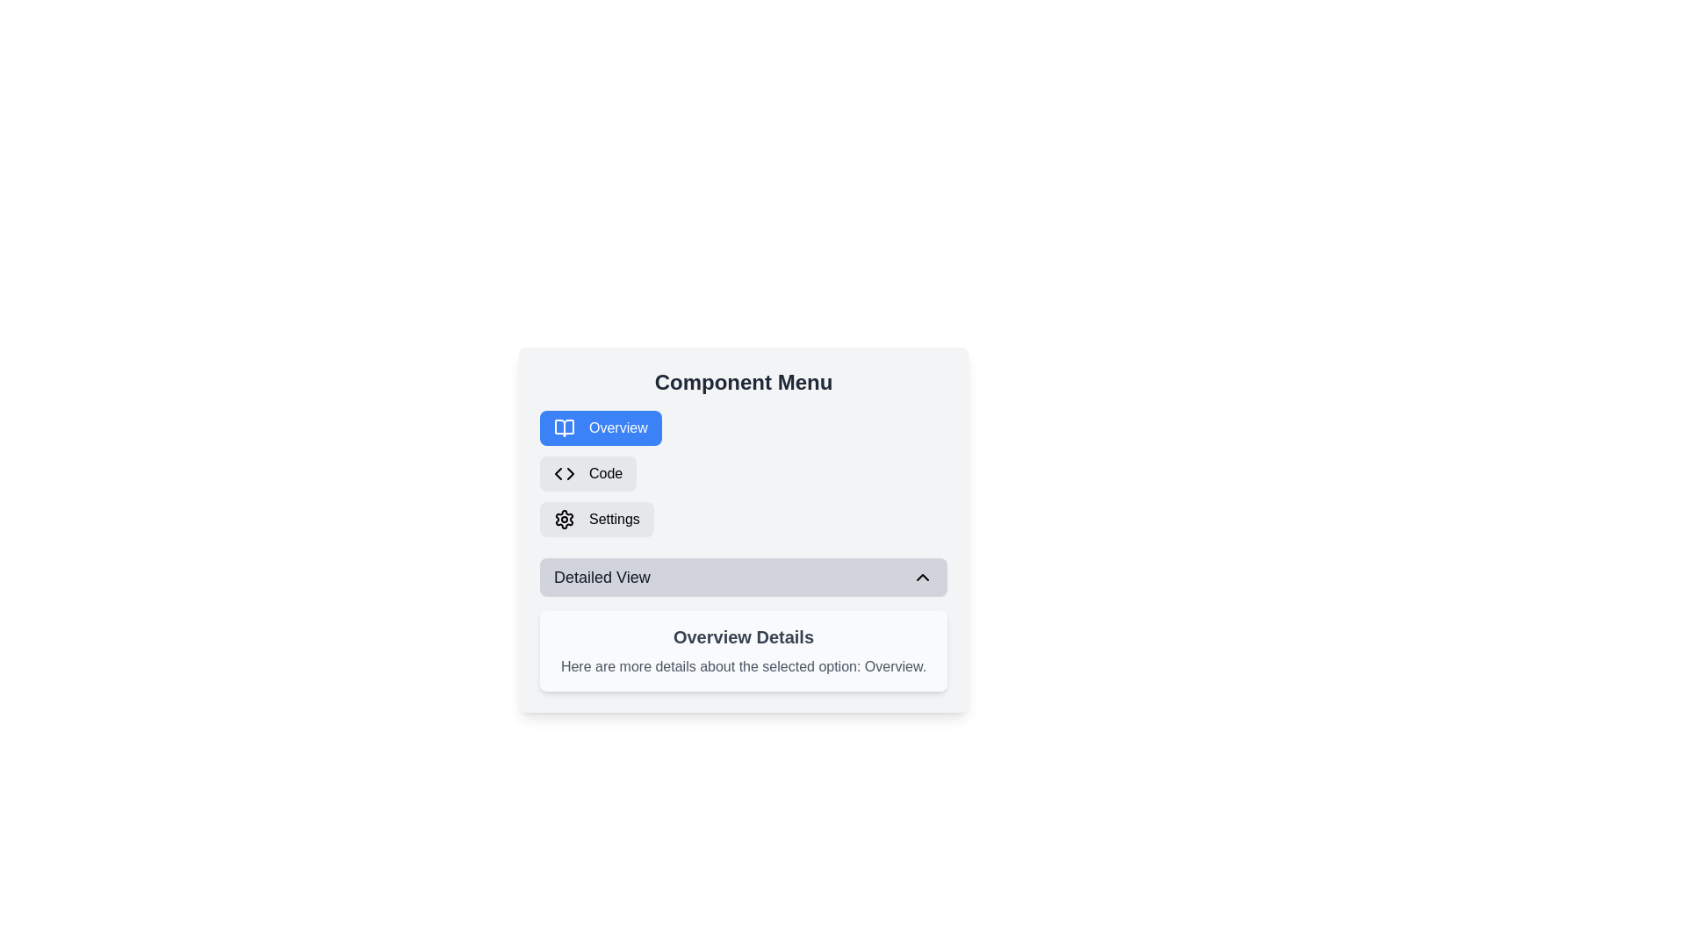 The width and height of the screenshot is (1686, 948). I want to click on the first button in the vertical list located beneath the 'Component Menu' heading, so click(601, 428).